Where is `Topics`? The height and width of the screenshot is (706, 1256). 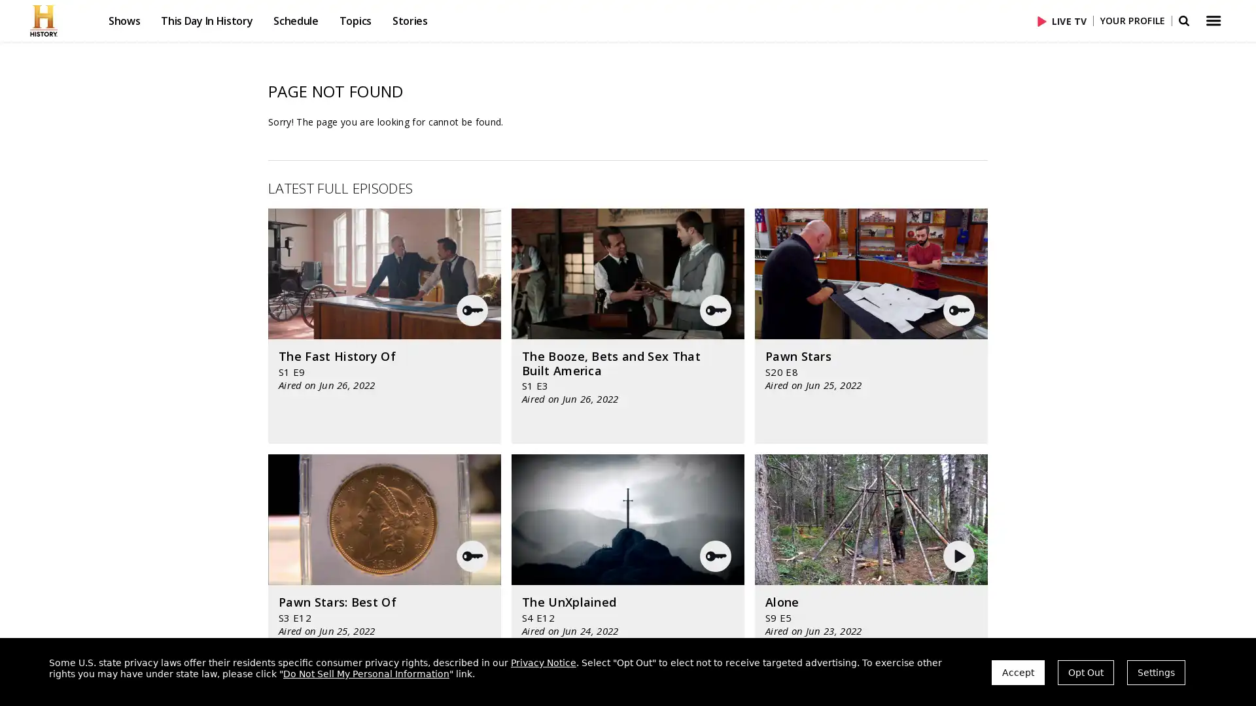 Topics is located at coordinates (355, 20).